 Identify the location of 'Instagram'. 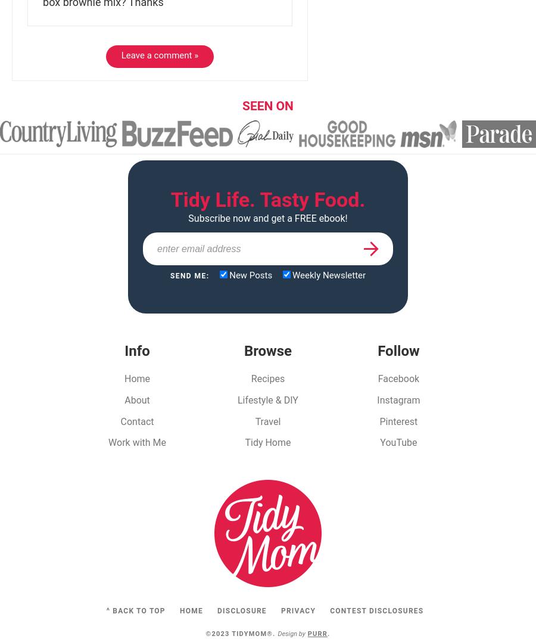
(398, 399).